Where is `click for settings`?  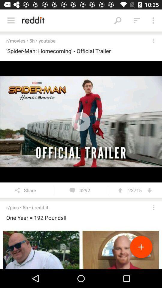 click for settings is located at coordinates (154, 40).